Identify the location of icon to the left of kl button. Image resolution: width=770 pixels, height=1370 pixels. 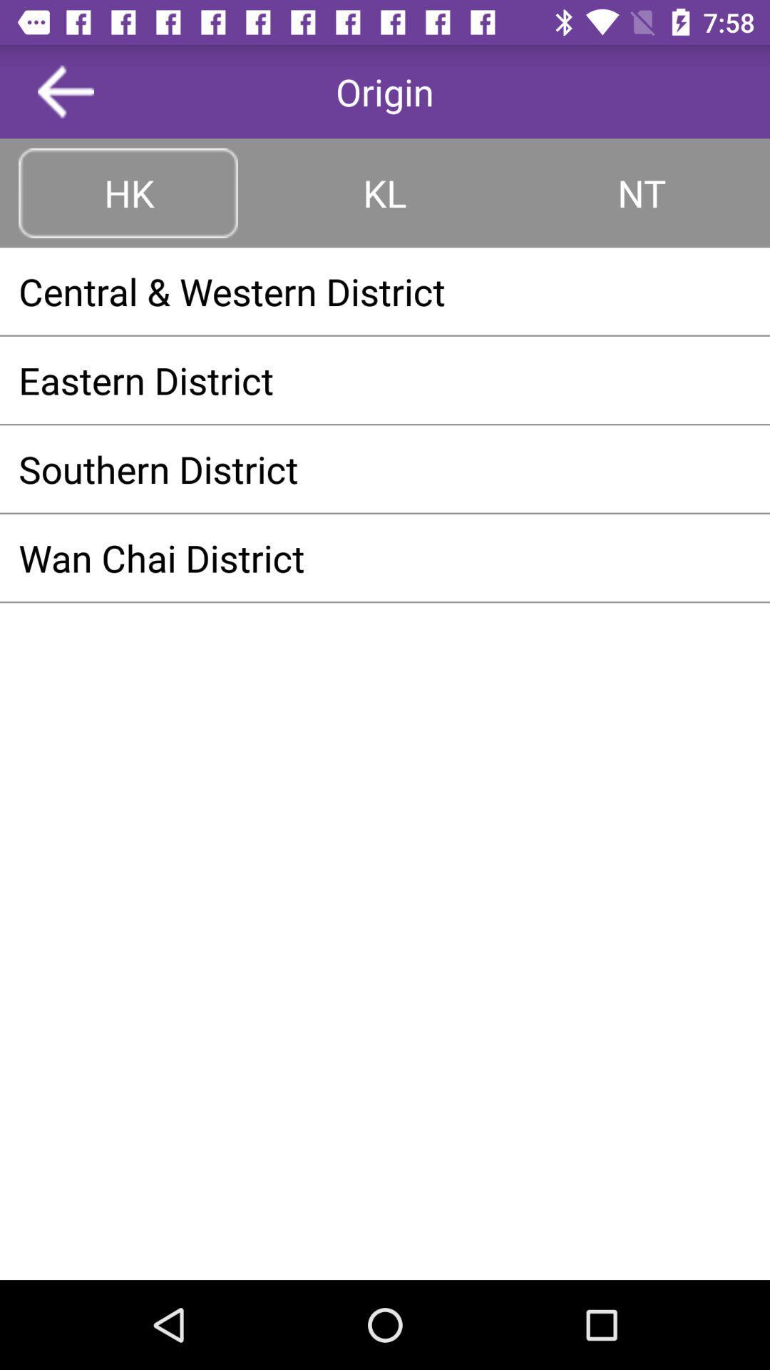
(128, 192).